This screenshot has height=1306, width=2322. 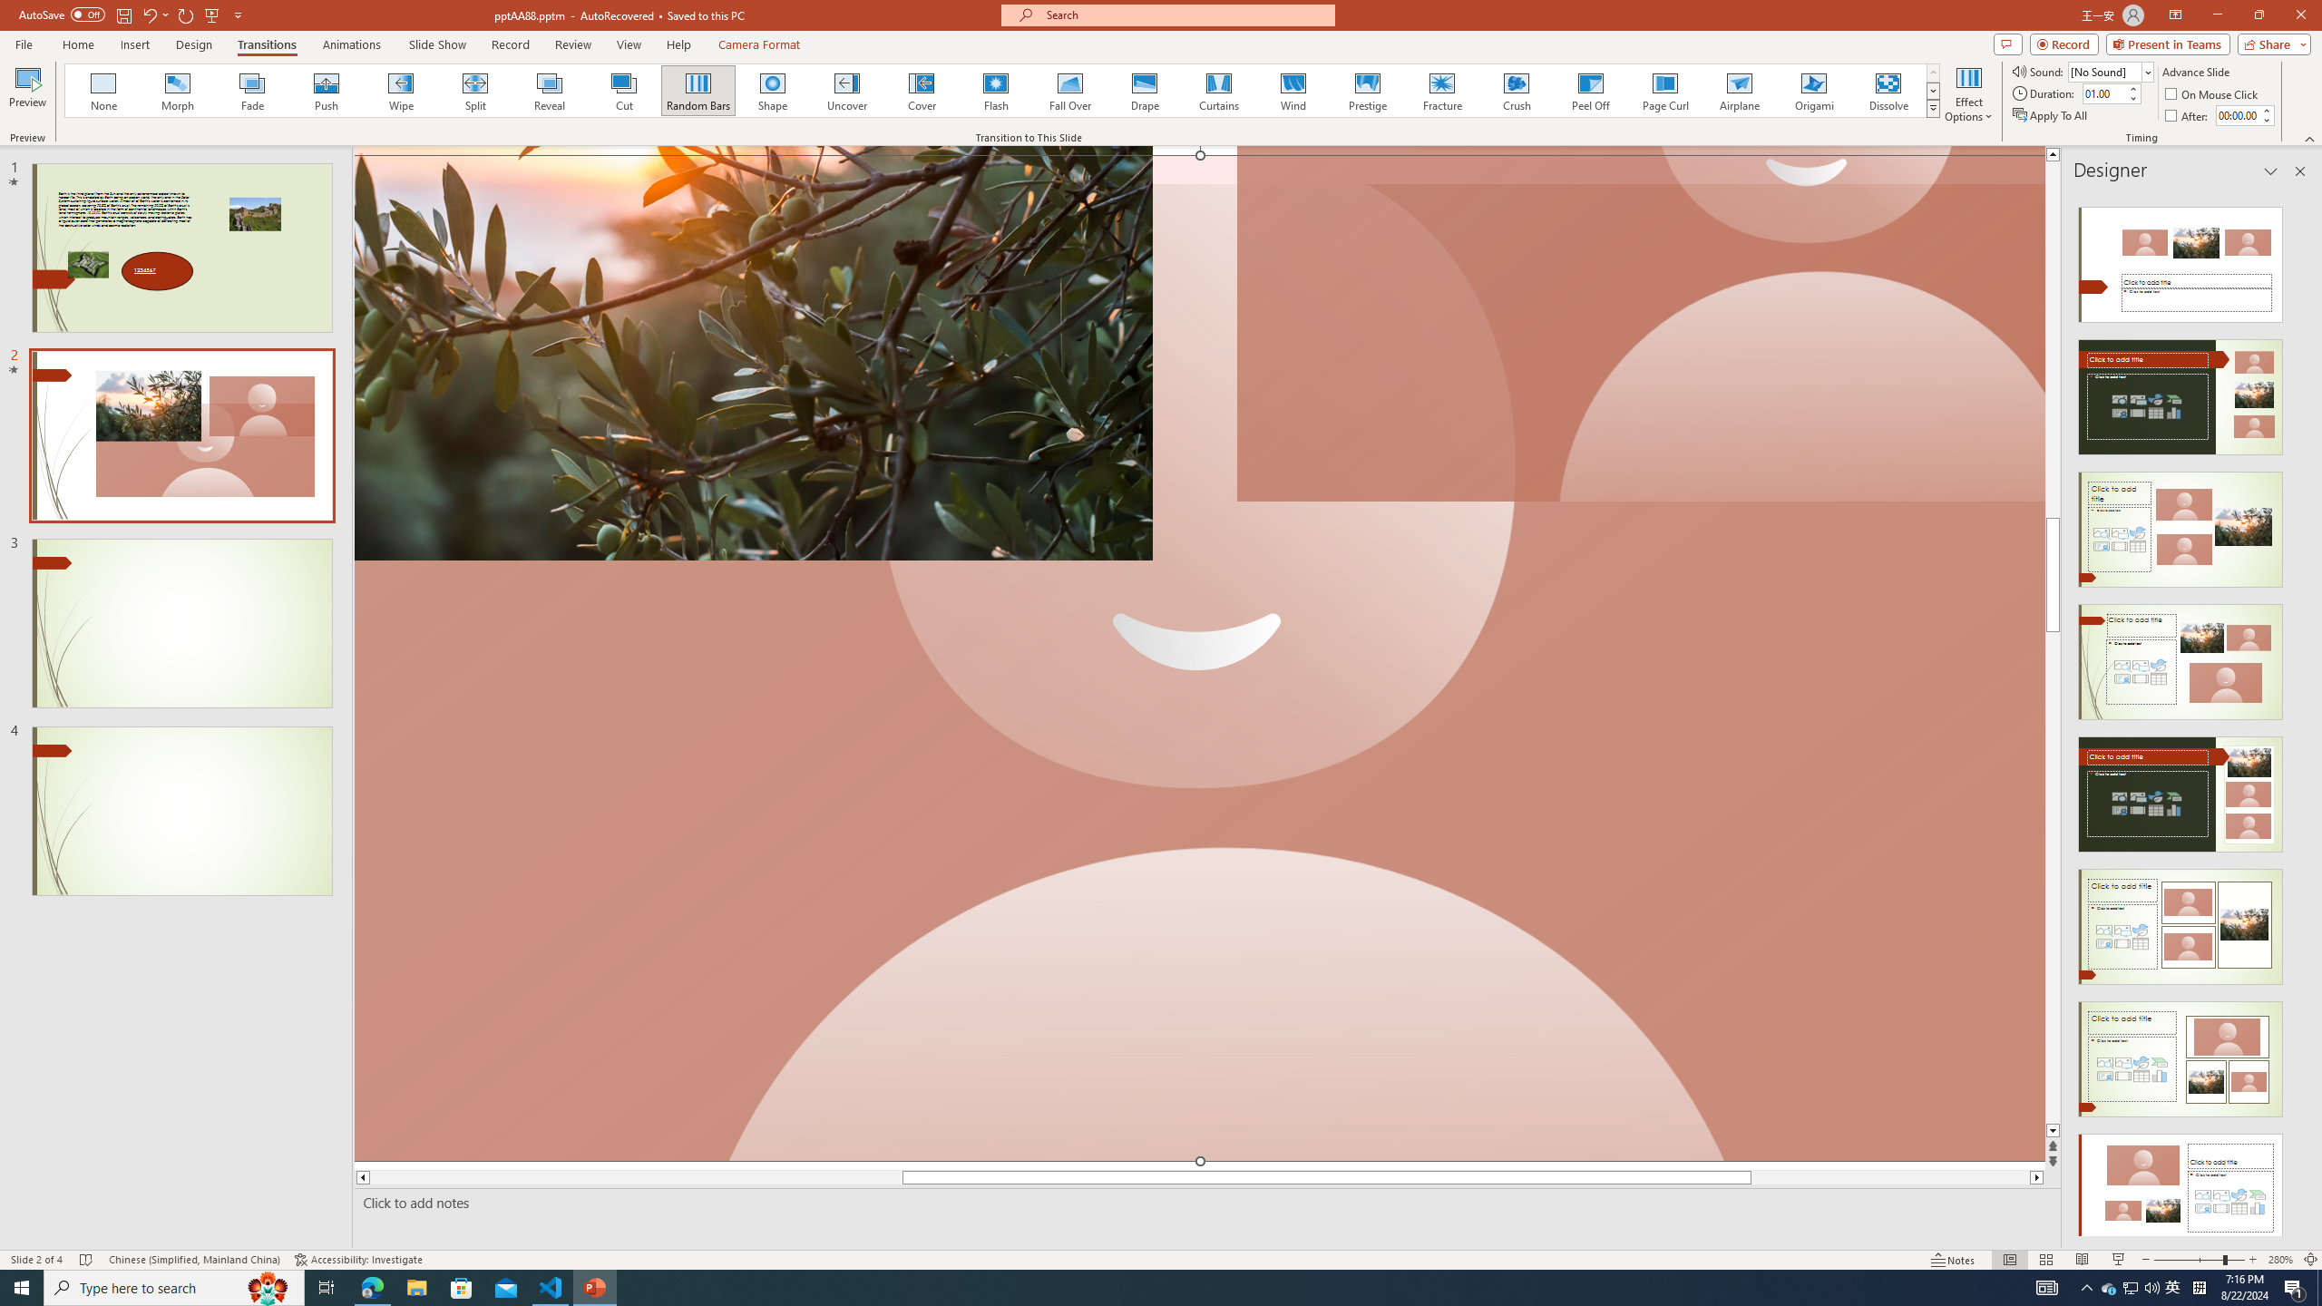 What do you see at coordinates (2281, 1260) in the screenshot?
I see `'Zoom 280%'` at bounding box center [2281, 1260].